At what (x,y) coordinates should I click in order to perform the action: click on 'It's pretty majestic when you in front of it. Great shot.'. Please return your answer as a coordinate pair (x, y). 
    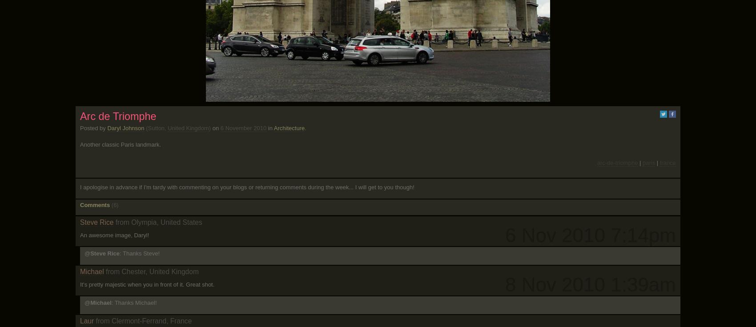
    Looking at the image, I should click on (146, 284).